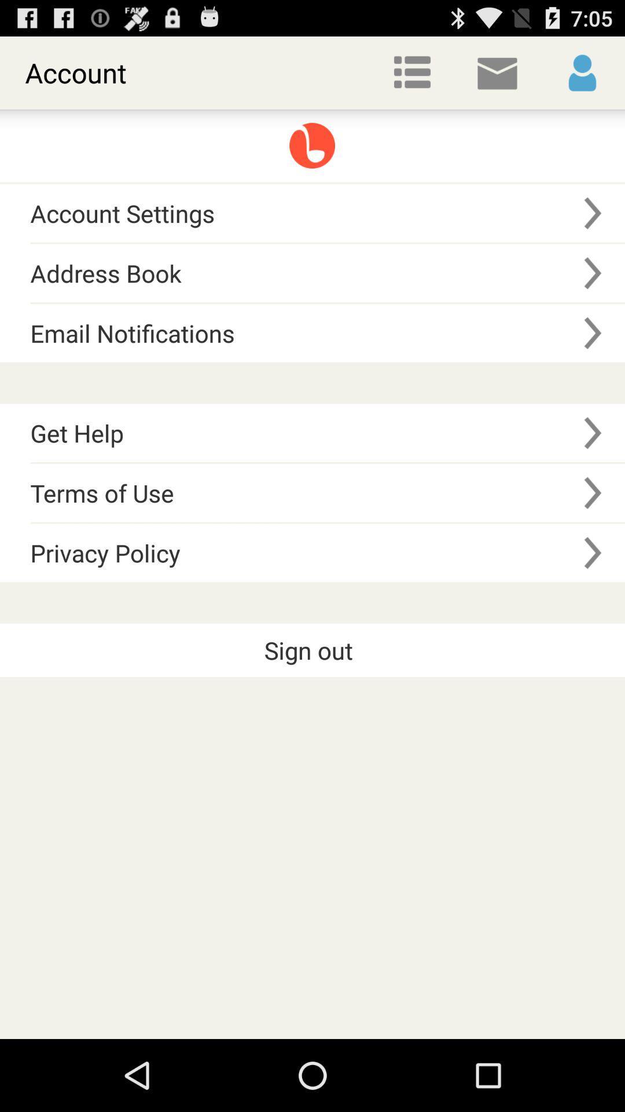 Image resolution: width=625 pixels, height=1112 pixels. I want to click on item next to the account, so click(411, 72).